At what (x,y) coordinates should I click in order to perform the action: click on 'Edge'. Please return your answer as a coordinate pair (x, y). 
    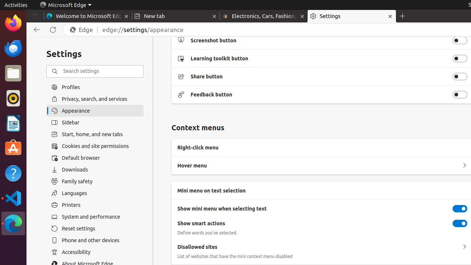
    Looking at the image, I should click on (83, 29).